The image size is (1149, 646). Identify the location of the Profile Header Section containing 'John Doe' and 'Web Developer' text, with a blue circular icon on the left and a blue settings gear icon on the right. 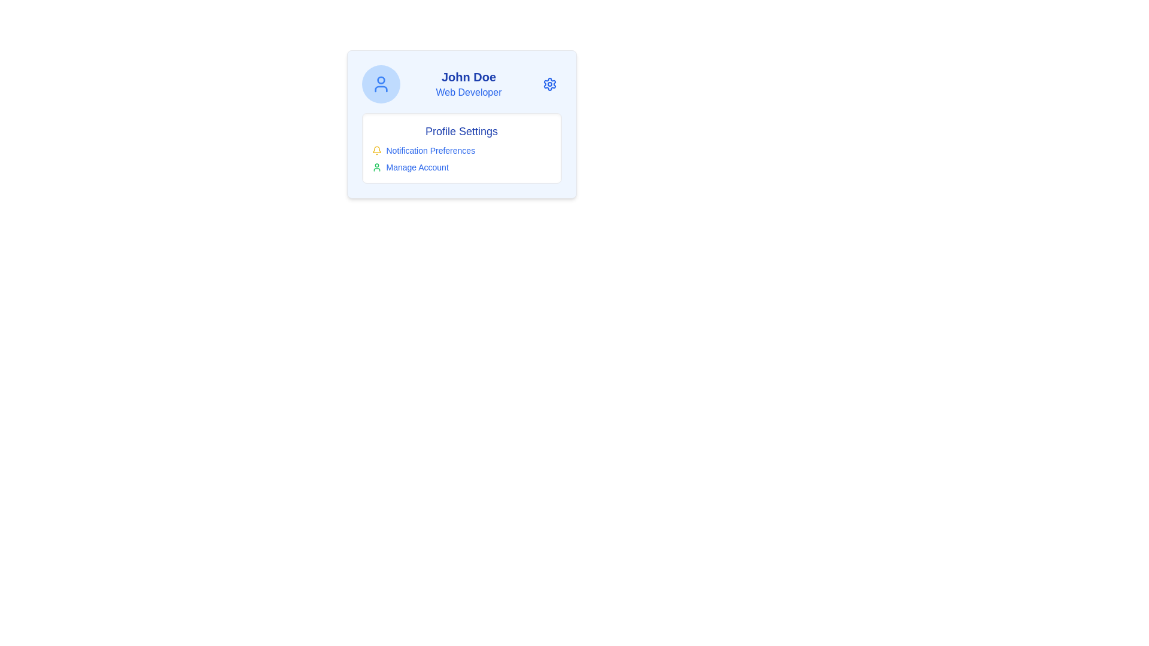
(461, 84).